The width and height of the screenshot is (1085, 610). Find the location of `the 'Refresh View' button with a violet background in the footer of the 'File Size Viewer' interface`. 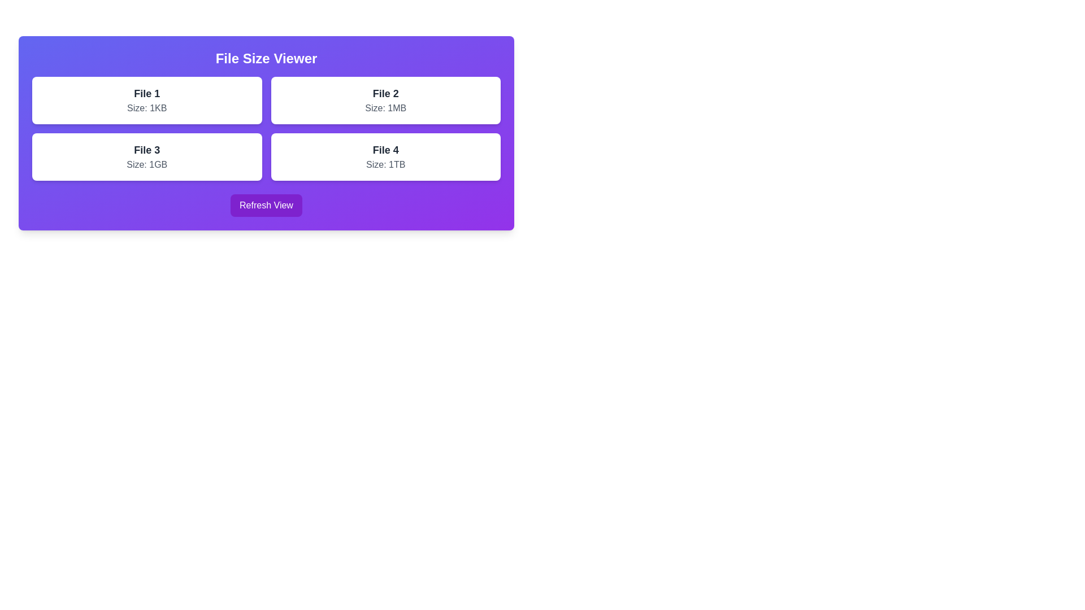

the 'Refresh View' button with a violet background in the footer of the 'File Size Viewer' interface is located at coordinates (266, 205).